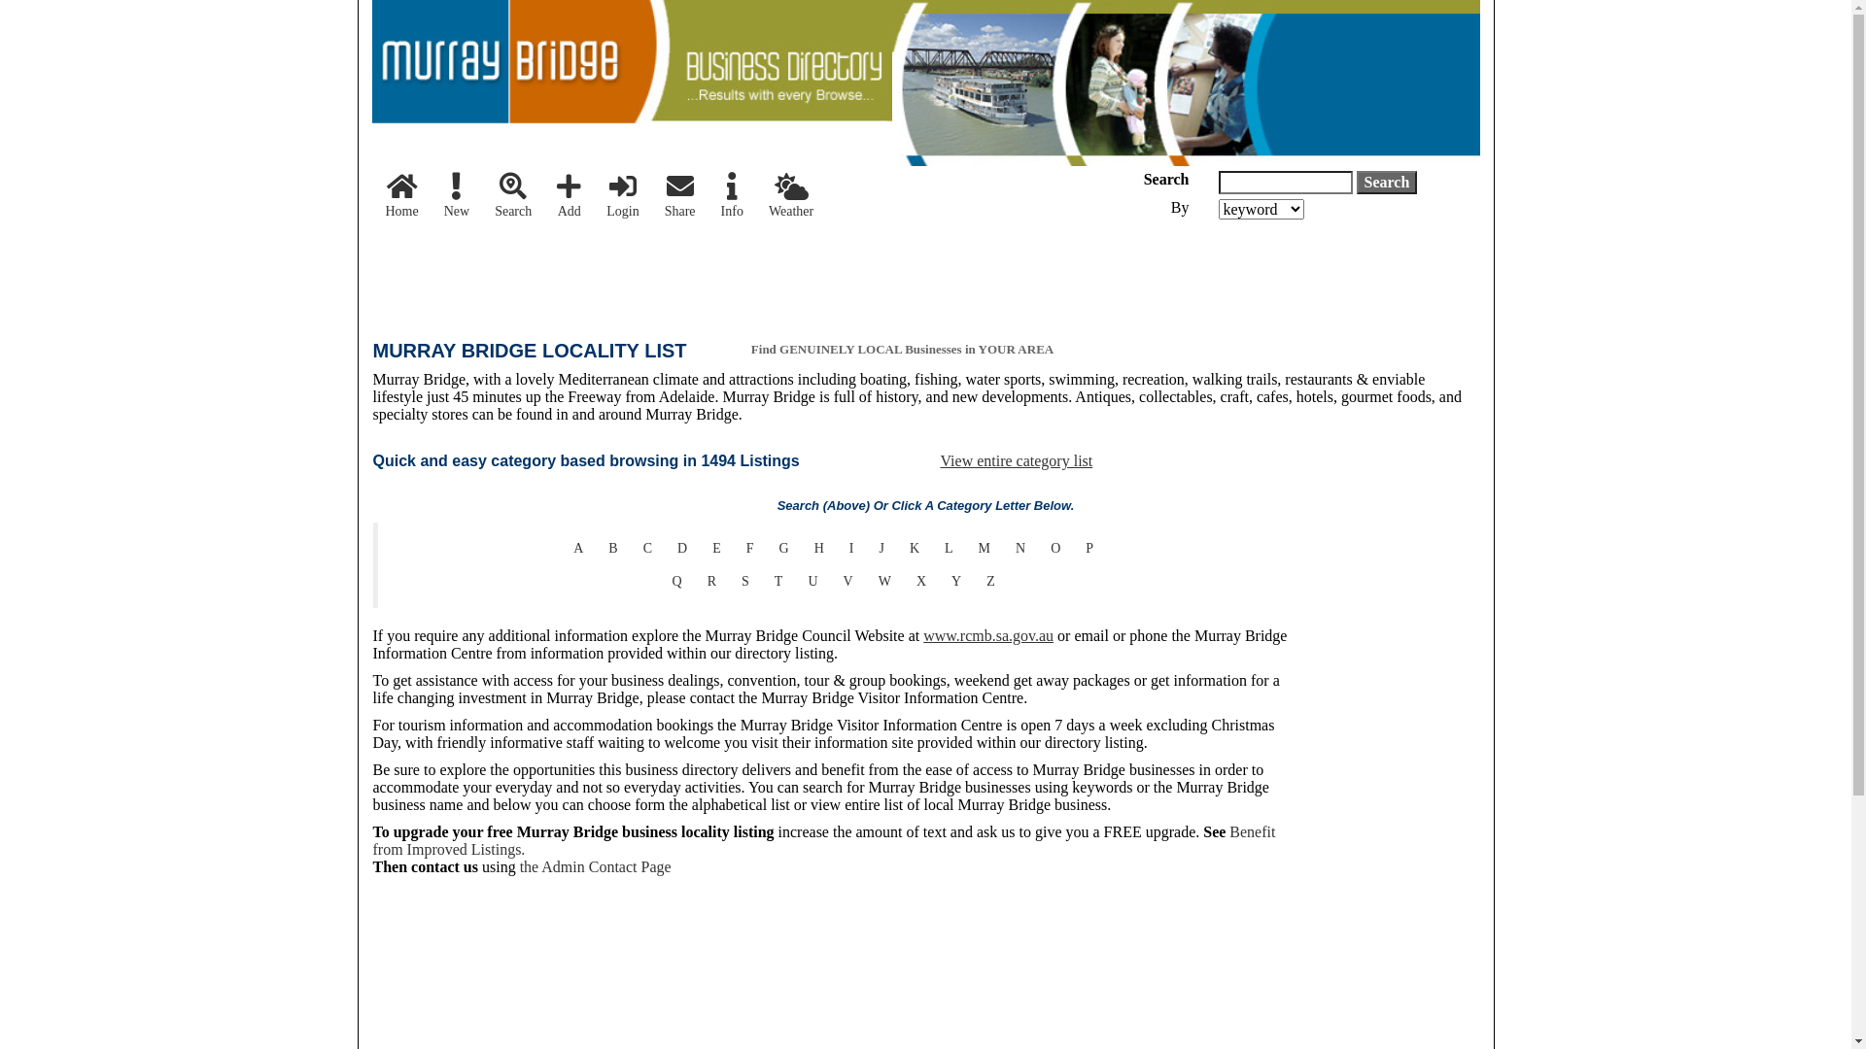 This screenshot has width=1866, height=1049. What do you see at coordinates (865, 580) in the screenshot?
I see `'W'` at bounding box center [865, 580].